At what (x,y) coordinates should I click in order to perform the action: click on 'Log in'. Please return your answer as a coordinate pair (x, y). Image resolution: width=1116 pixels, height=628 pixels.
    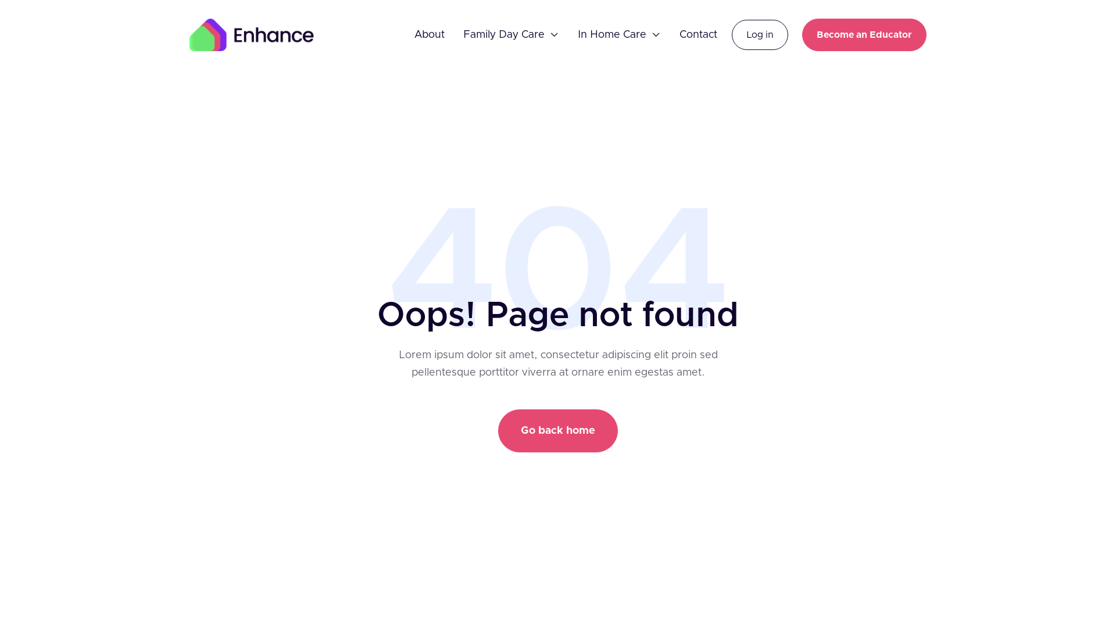
    Looking at the image, I should click on (731, 34).